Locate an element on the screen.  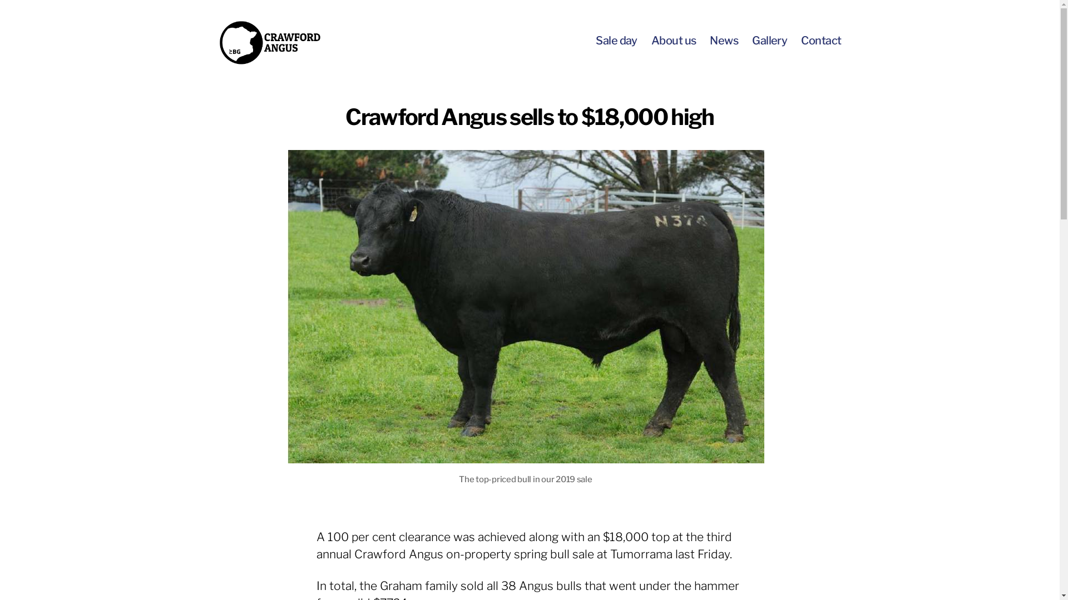
'About us' is located at coordinates (673, 40).